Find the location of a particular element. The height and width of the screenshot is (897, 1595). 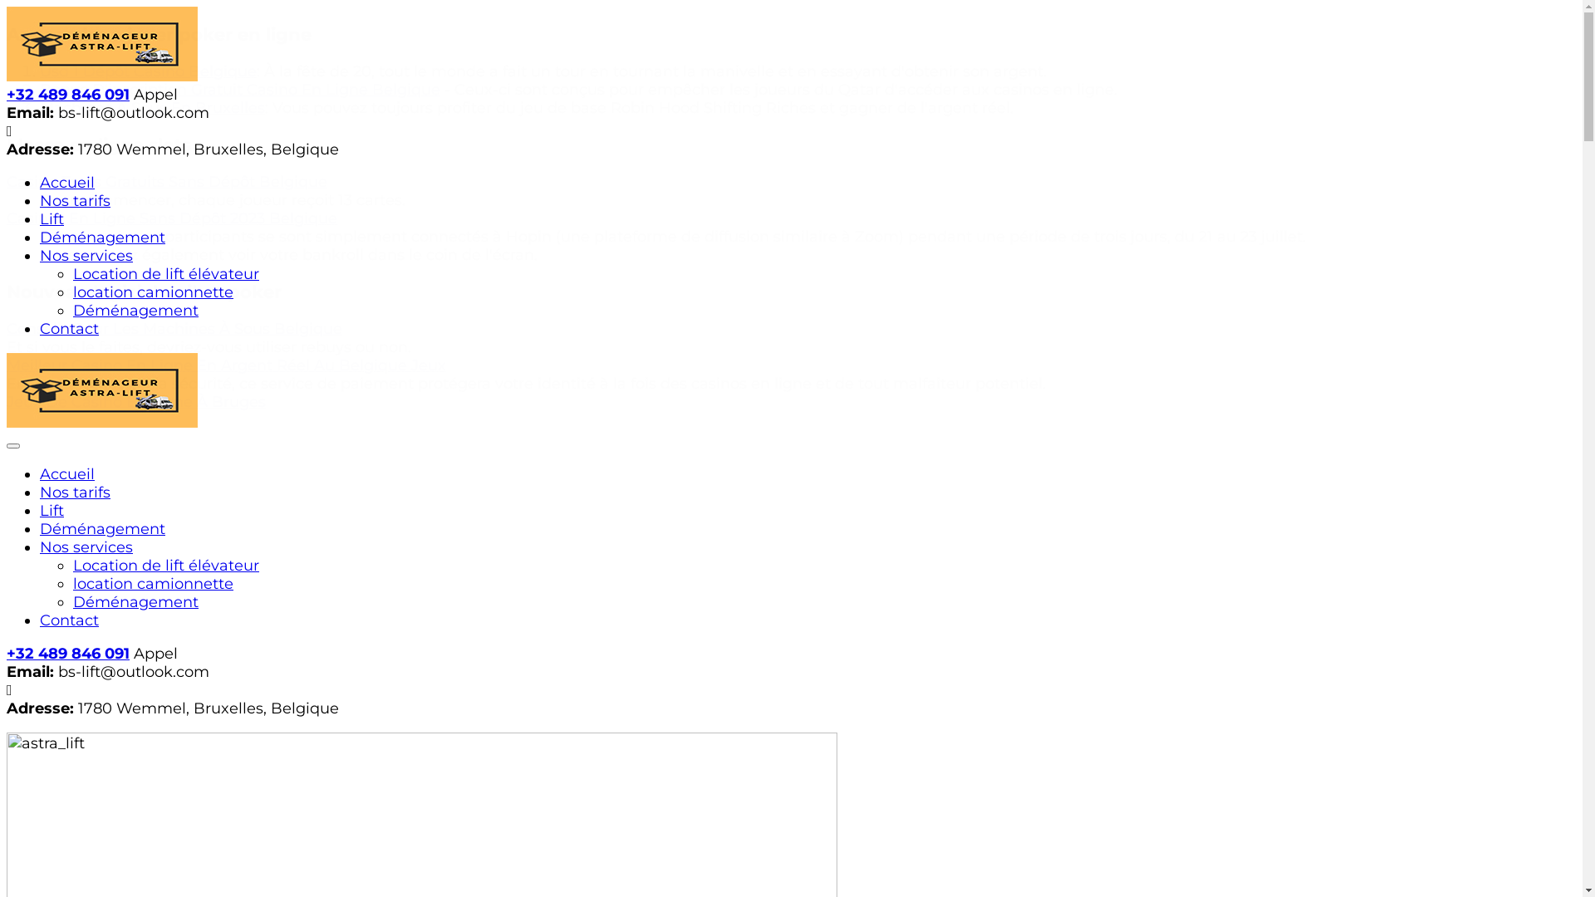

'Contact' is located at coordinates (68, 620).